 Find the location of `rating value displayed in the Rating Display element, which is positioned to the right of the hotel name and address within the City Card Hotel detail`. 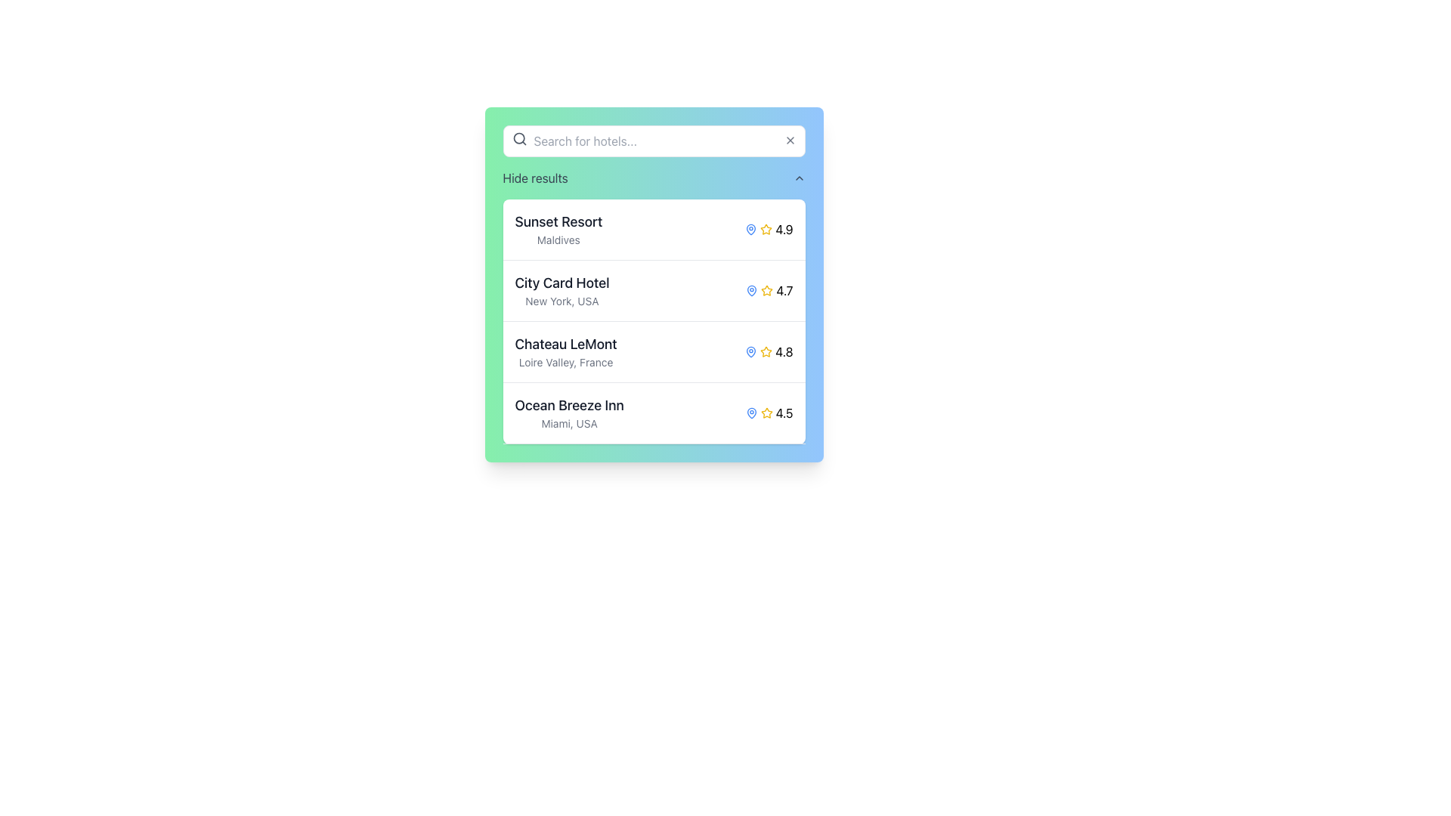

rating value displayed in the Rating Display element, which is positioned to the right of the hotel name and address within the City Card Hotel detail is located at coordinates (769, 291).